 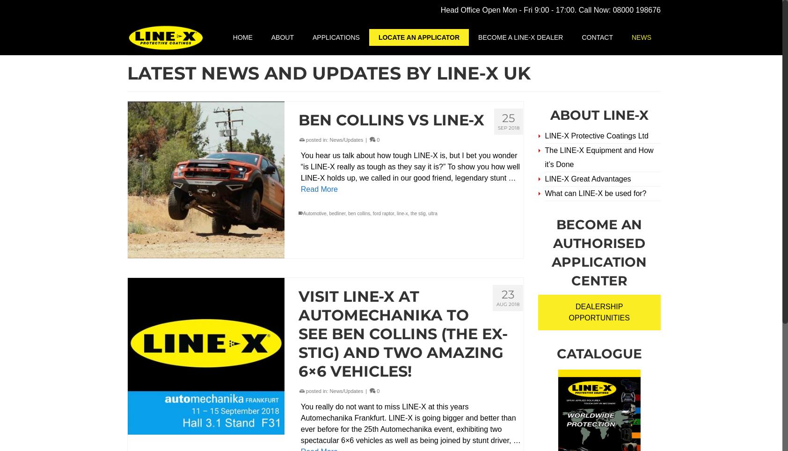 I want to click on 'LINE-X Great Advantages', so click(x=587, y=179).